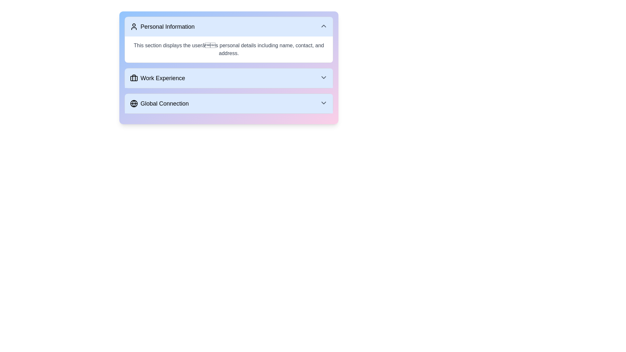 This screenshot has height=352, width=626. I want to click on text of the Label or Header with Icon that introduces the 'Personal Information' content in the collapsible section, so click(162, 26).